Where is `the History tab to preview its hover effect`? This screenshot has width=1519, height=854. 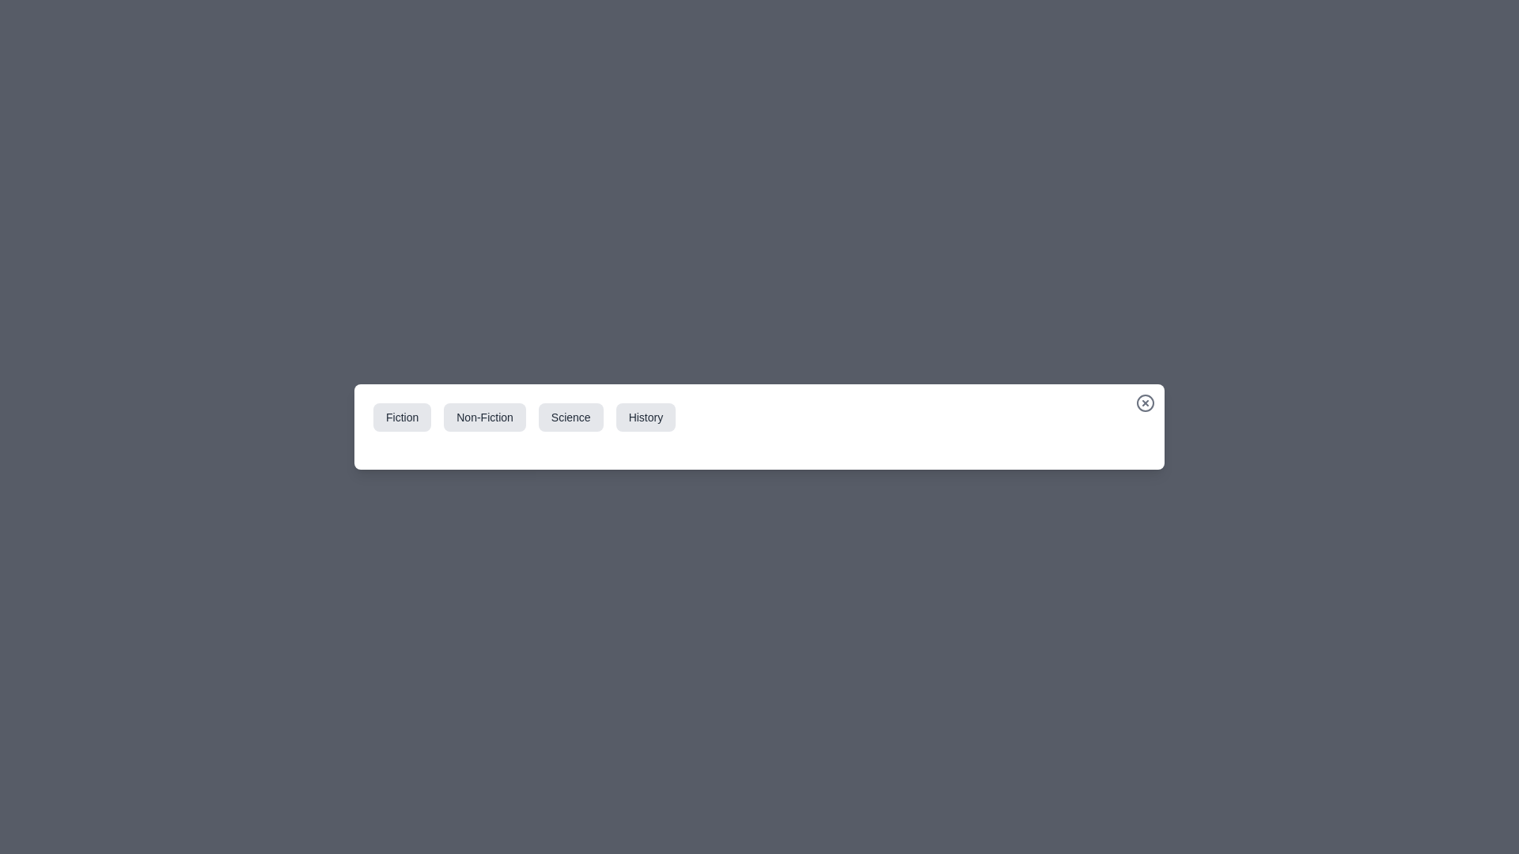
the History tab to preview its hover effect is located at coordinates (646, 417).